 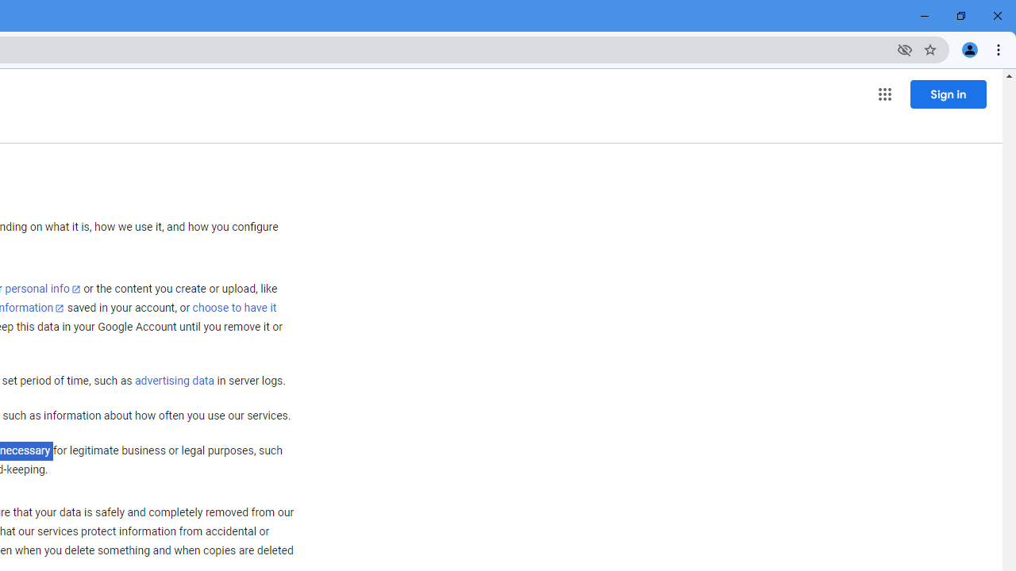 What do you see at coordinates (174, 381) in the screenshot?
I see `'advertising data'` at bounding box center [174, 381].